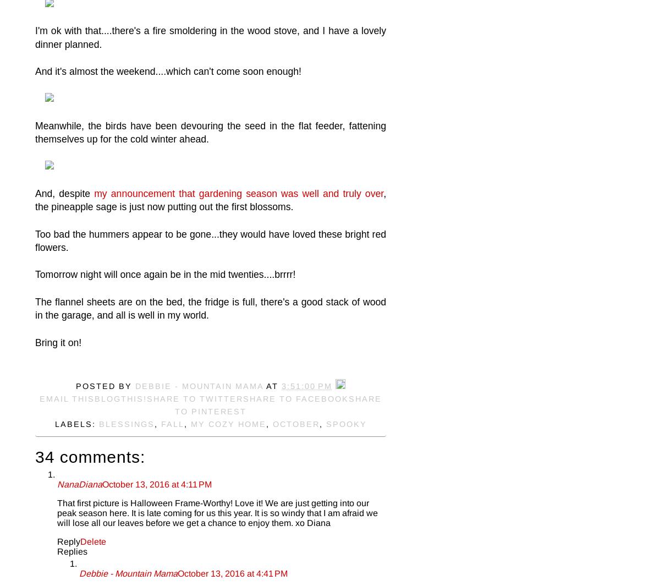 This screenshot has height=586, width=648. Describe the element at coordinates (34, 457) in the screenshot. I see `'34 comments:'` at that location.